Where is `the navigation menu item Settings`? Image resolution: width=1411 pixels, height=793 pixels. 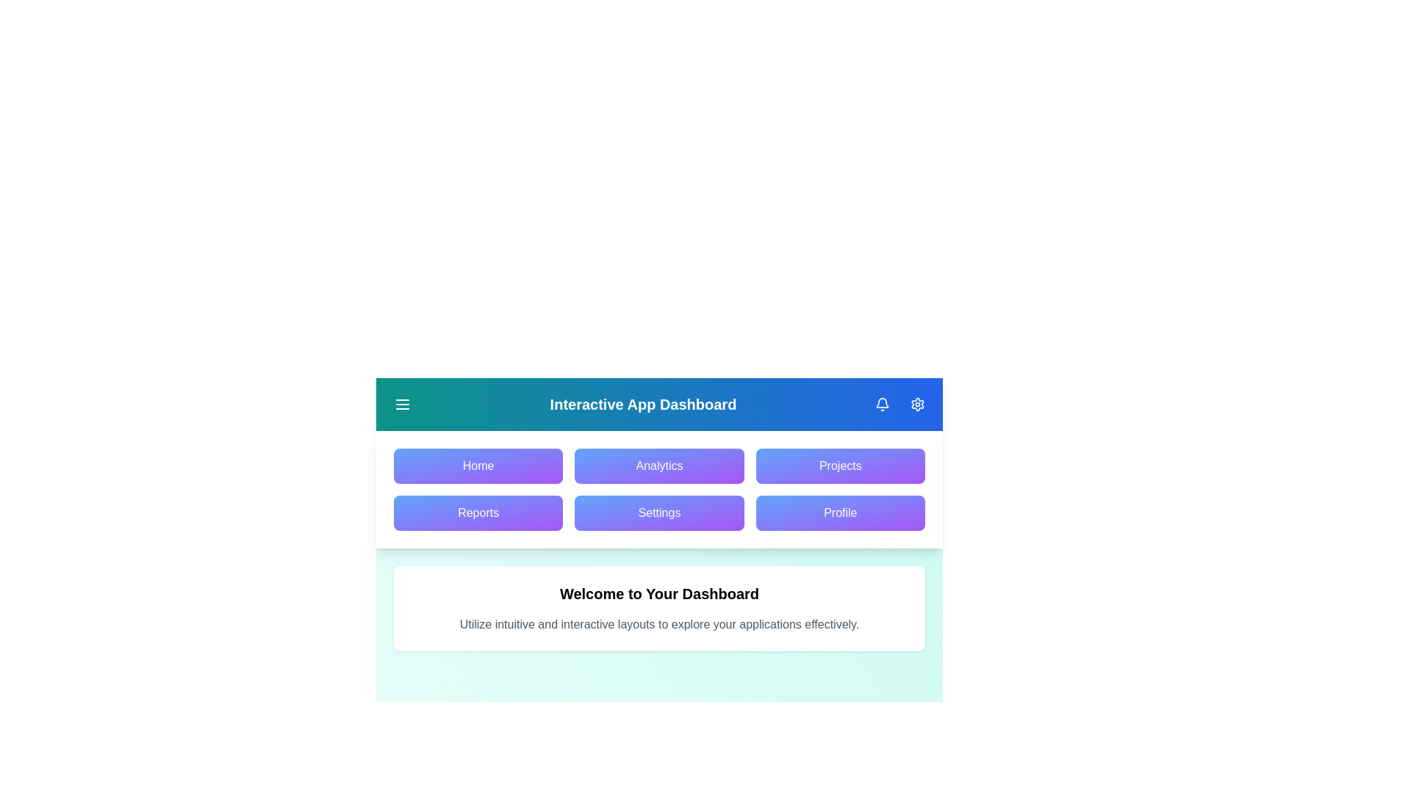 the navigation menu item Settings is located at coordinates (658, 512).